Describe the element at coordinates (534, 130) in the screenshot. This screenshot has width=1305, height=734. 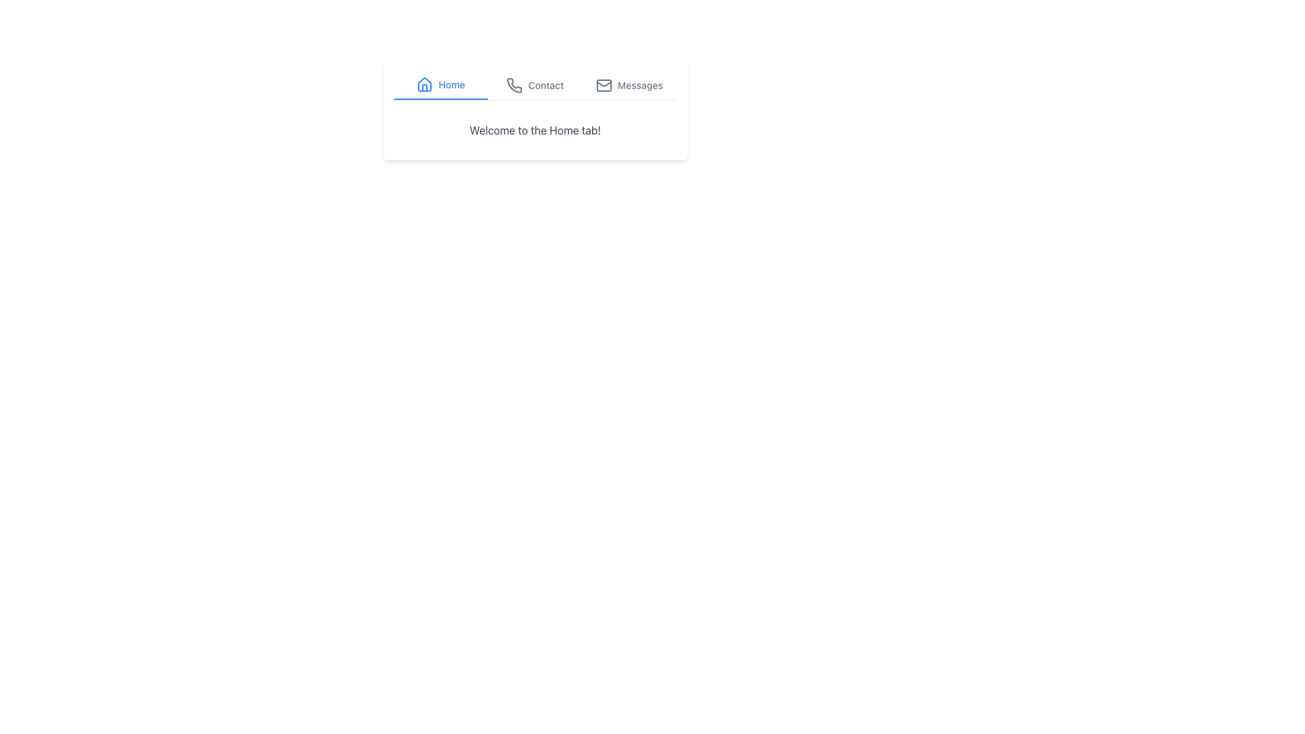
I see `greeting message displayed in the static text located under the navigation bar in the 'Home' tab` at that location.